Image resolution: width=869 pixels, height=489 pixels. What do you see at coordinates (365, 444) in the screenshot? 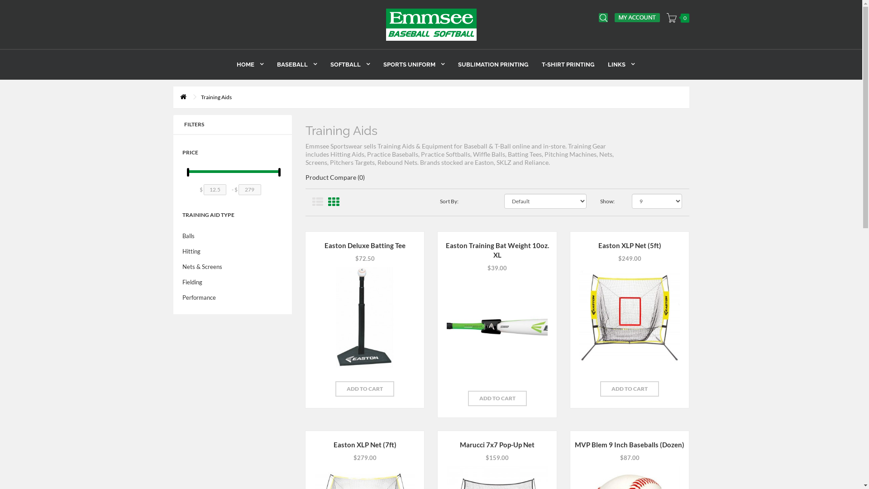
I see `'Easton XLP Net (7ft)'` at bounding box center [365, 444].